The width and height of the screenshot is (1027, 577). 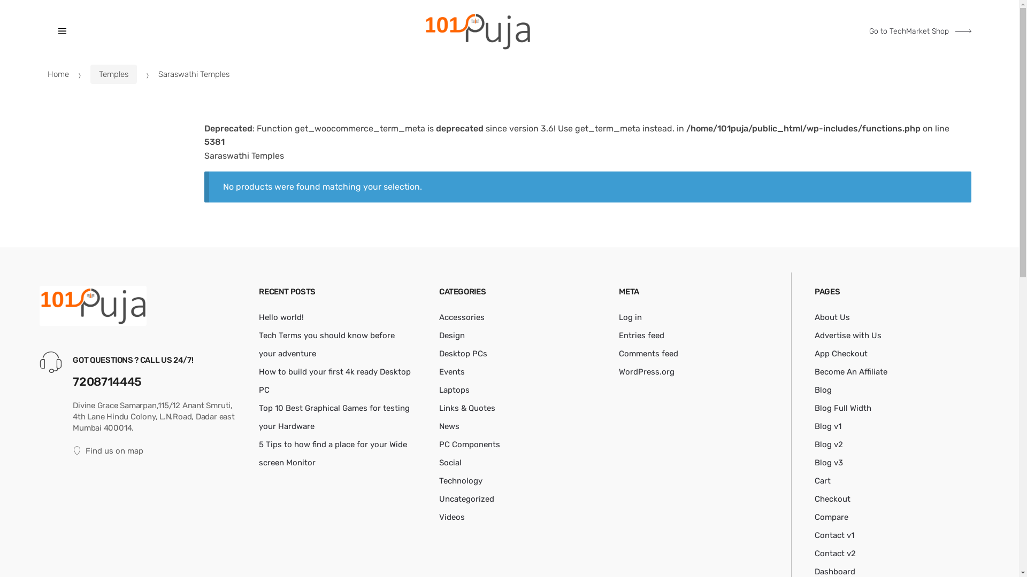 I want to click on 'Dashboard', so click(x=834, y=571).